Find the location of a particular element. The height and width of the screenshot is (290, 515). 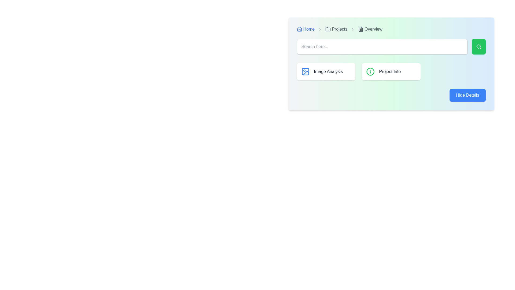

the circular lens element of the magnifying glass icon located to the right of the search bar is located at coordinates (478, 46).